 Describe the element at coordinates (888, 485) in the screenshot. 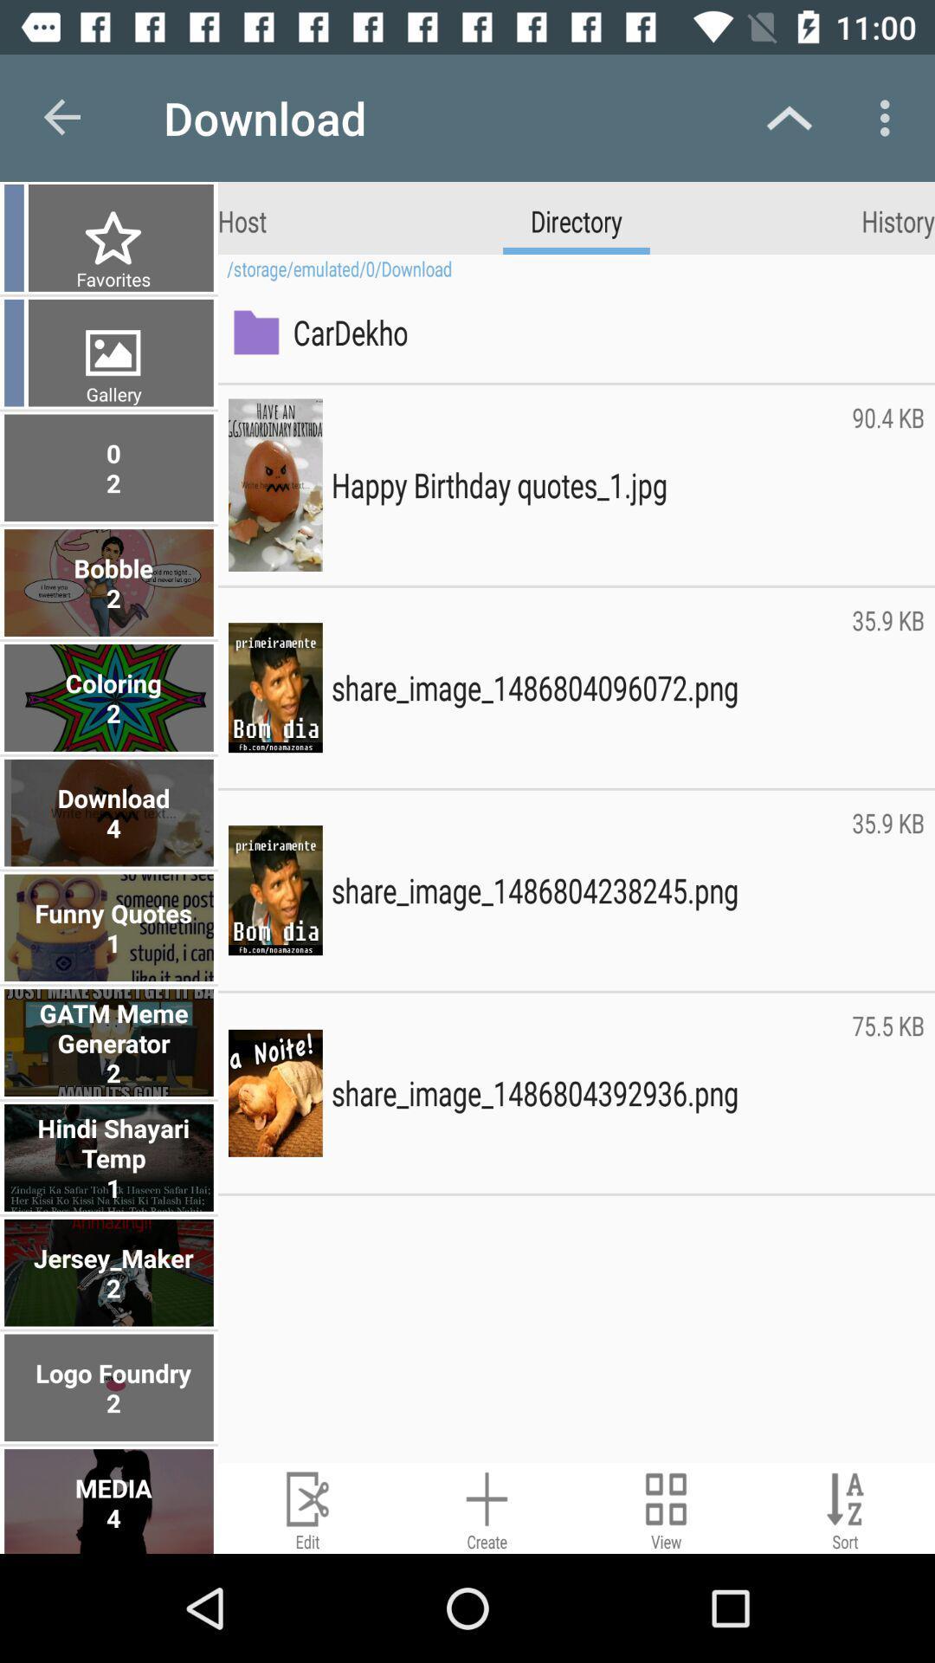

I see `the item below the cardekho` at that location.